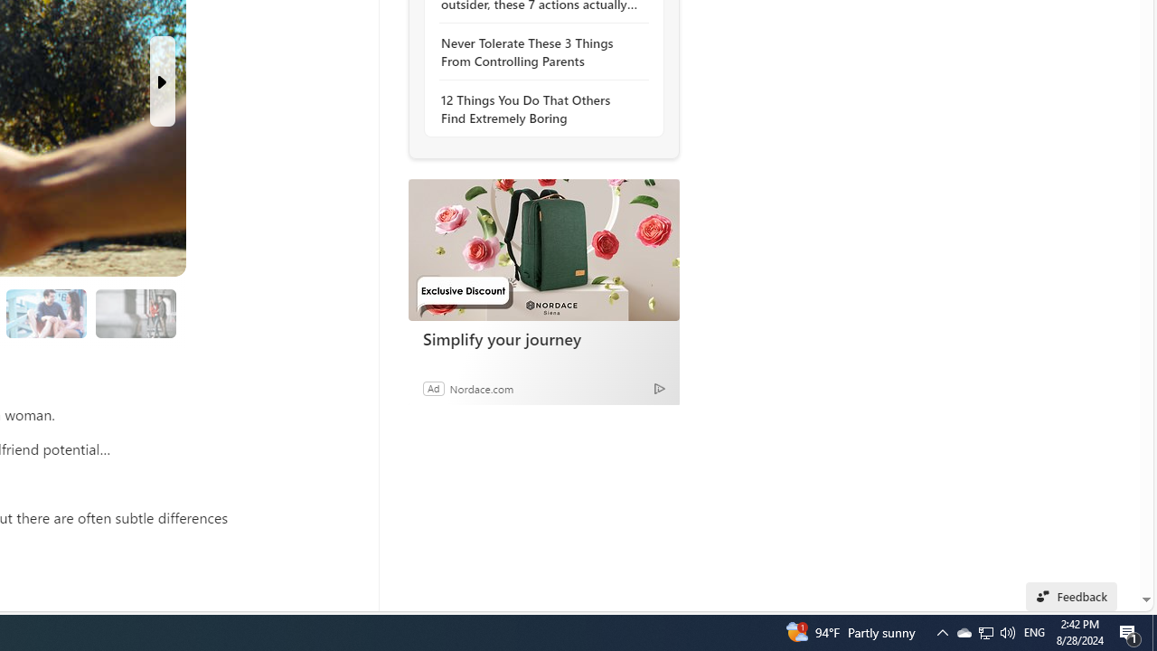  I want to click on 'Class: progress', so click(135, 309).